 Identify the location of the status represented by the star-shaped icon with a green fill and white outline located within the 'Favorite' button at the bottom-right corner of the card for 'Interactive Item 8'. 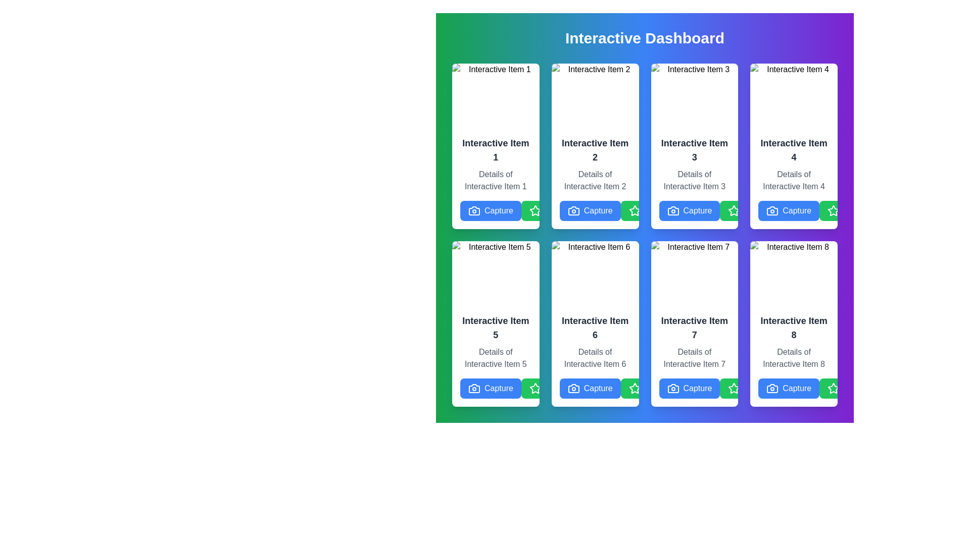
(834, 388).